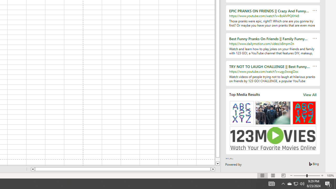  Describe the element at coordinates (218, 164) in the screenshot. I see `'Line down'` at that location.